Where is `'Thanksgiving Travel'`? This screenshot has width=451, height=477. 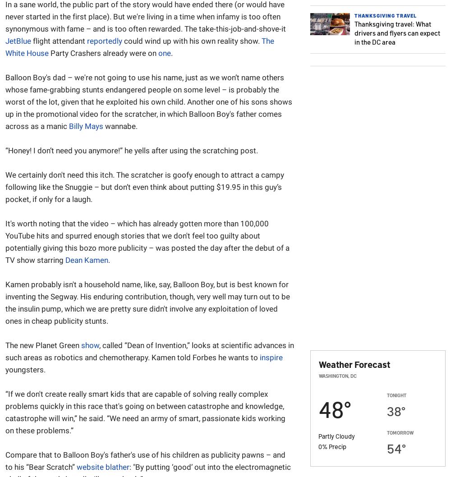
'Thanksgiving Travel' is located at coordinates (354, 15).